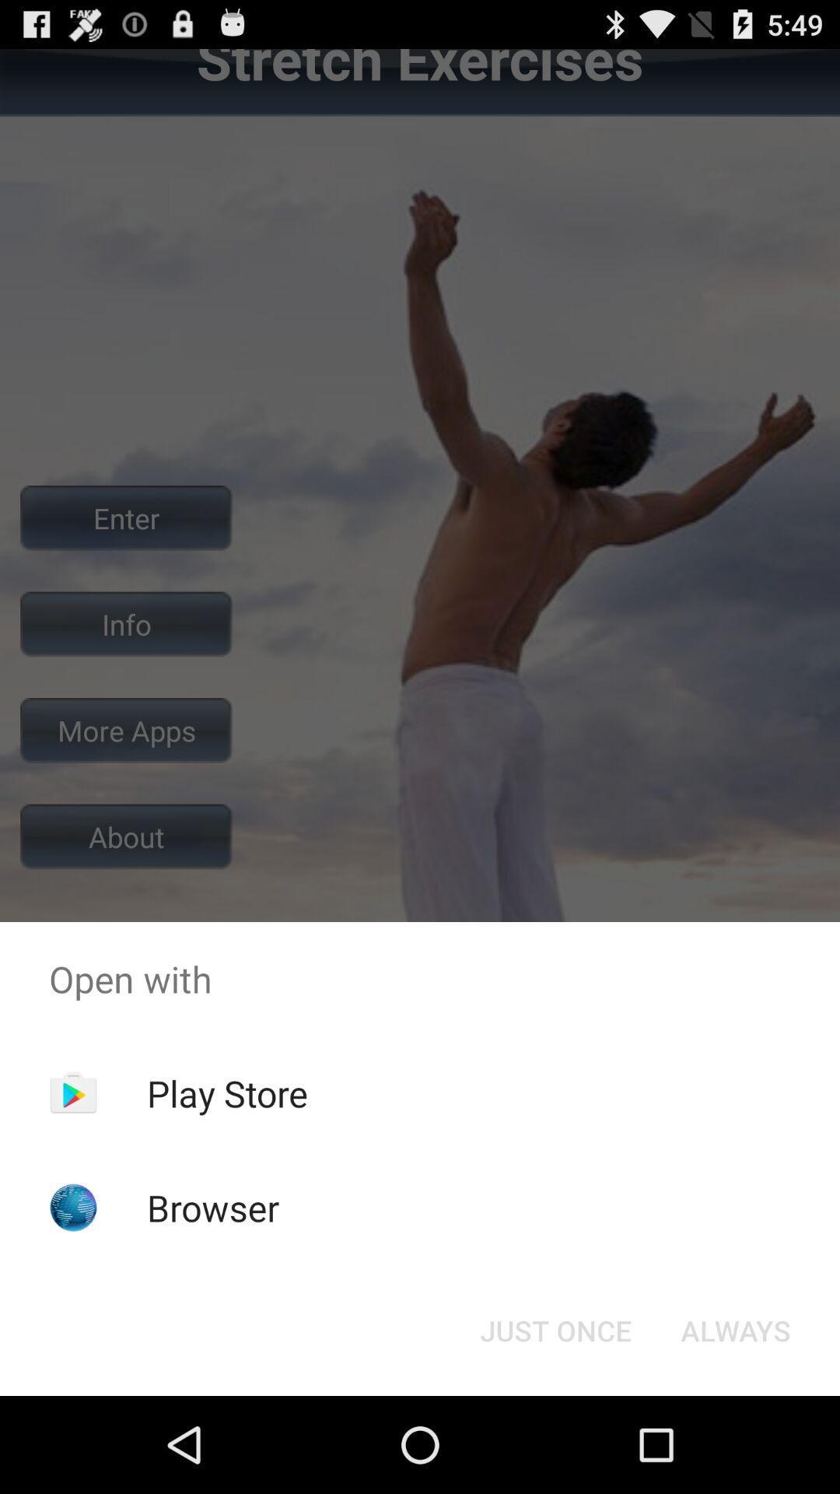 This screenshot has height=1494, width=840. I want to click on the icon below the play store app, so click(213, 1207).